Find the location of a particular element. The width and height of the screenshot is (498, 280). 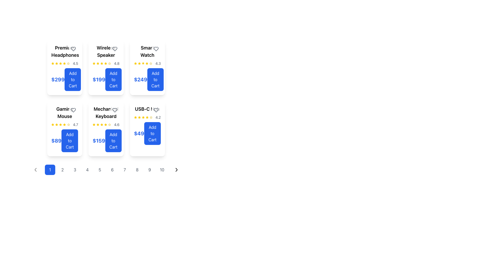

the 'Add to Cart' button, which is a rectangular button with a blue background and white text, located in the bottom-left card of the grid layout is located at coordinates (70, 141).